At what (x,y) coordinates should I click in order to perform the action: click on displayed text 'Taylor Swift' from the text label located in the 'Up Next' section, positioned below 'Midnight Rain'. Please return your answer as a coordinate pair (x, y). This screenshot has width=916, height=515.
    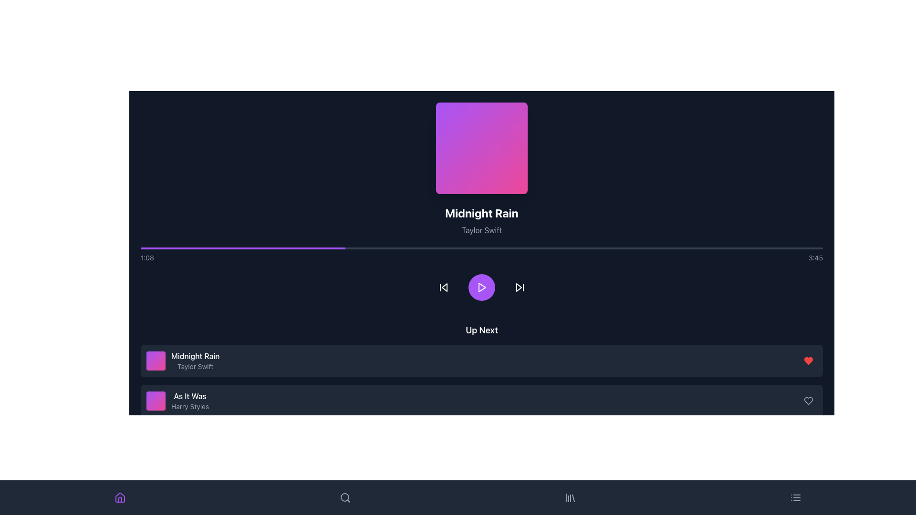
    Looking at the image, I should click on (195, 366).